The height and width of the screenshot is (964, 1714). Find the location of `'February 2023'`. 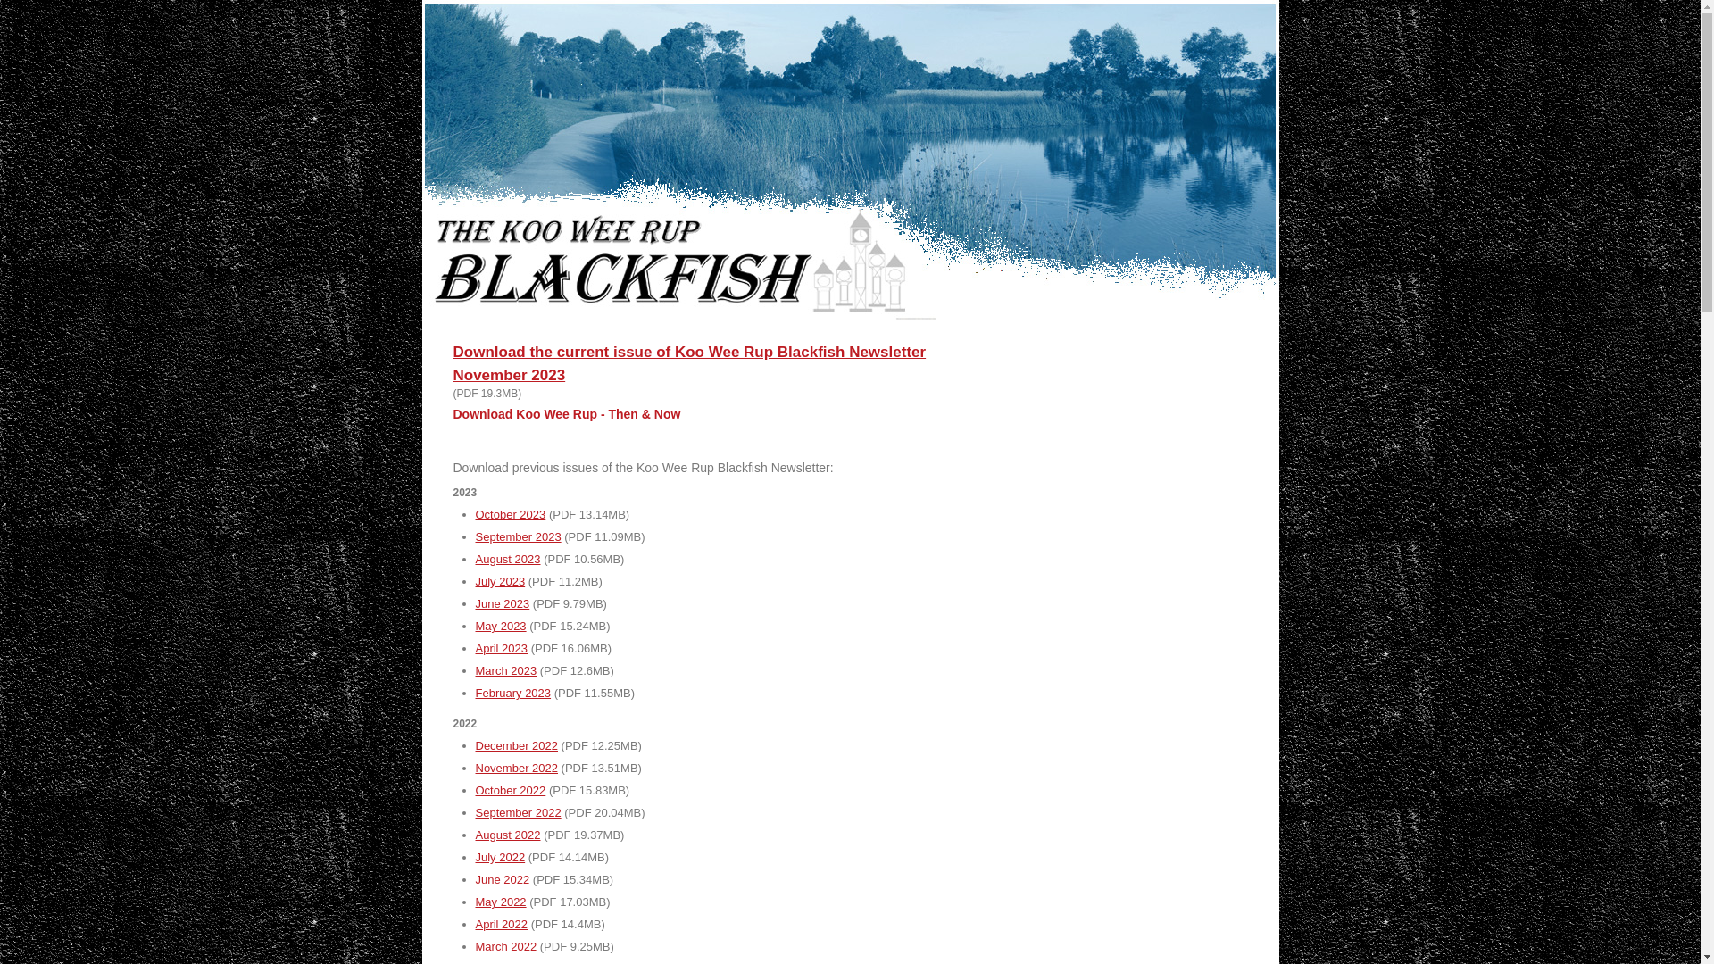

'February 2023' is located at coordinates (512, 692).